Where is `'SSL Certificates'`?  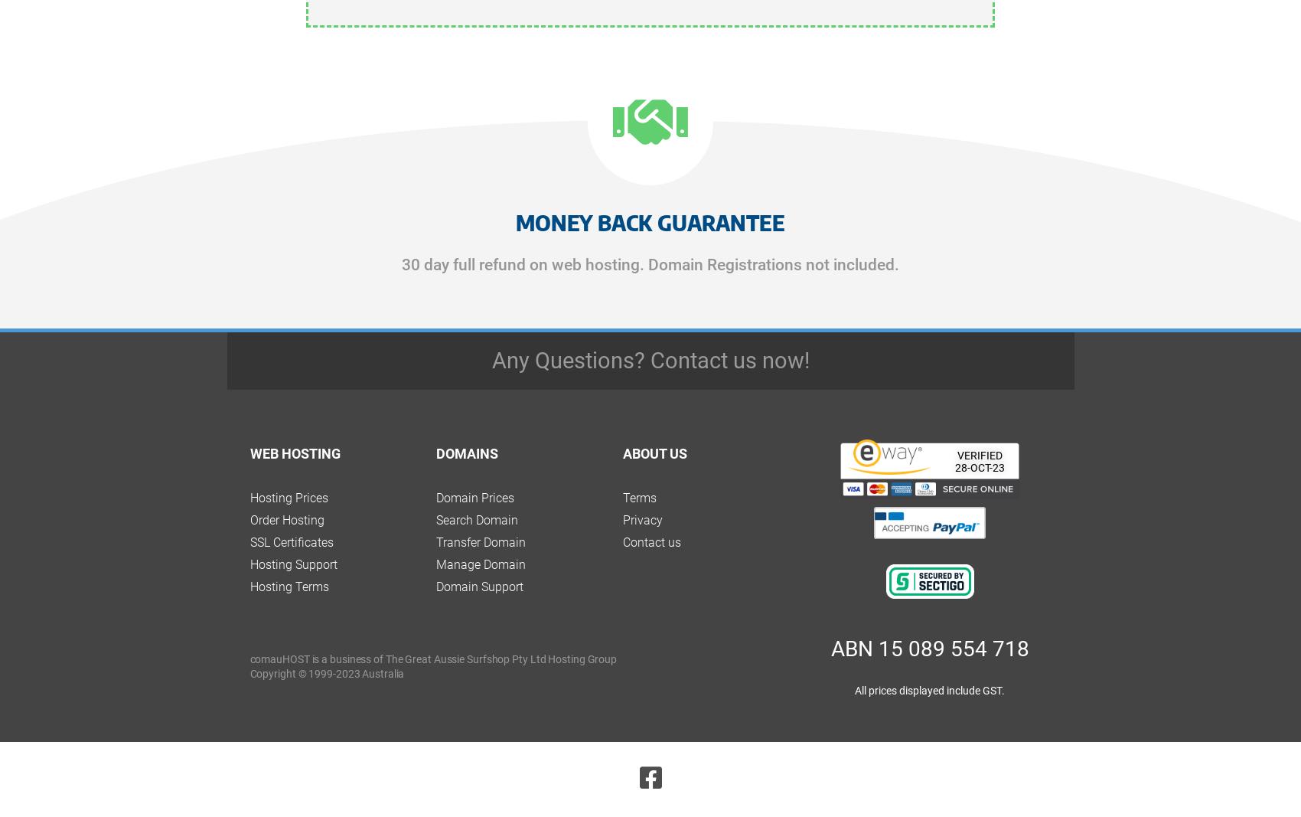
'SSL Certificates' is located at coordinates (290, 541).